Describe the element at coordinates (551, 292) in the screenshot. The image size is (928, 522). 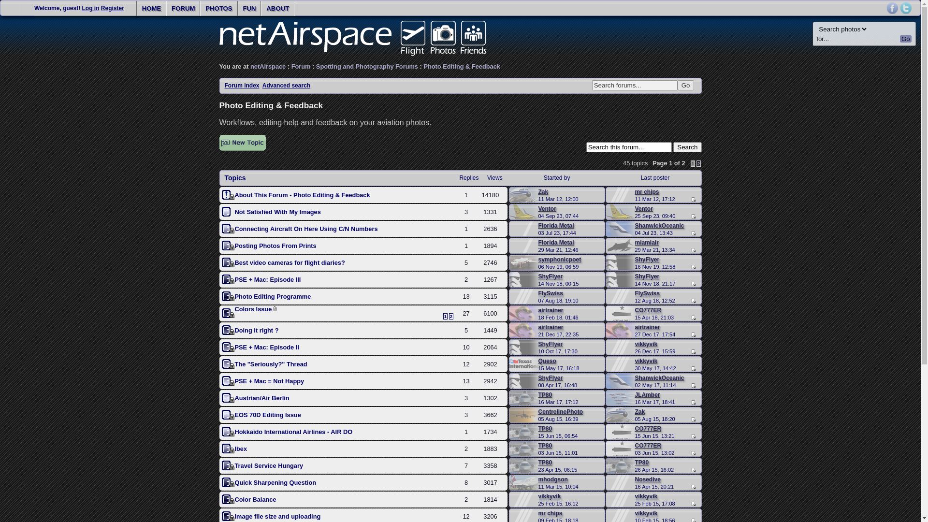
I see `'FlySwiss'` at that location.